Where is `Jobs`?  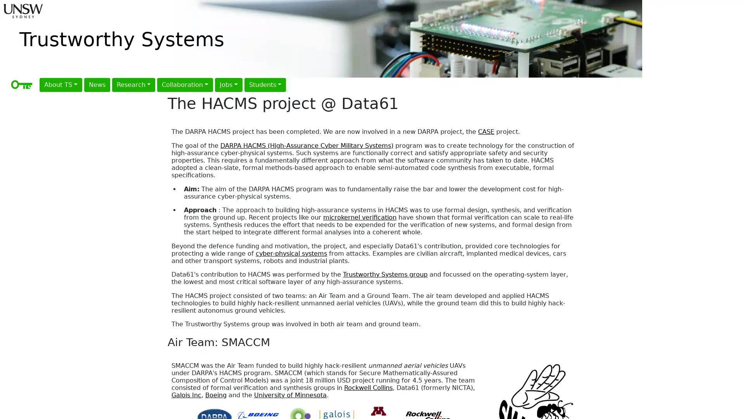 Jobs is located at coordinates (228, 85).